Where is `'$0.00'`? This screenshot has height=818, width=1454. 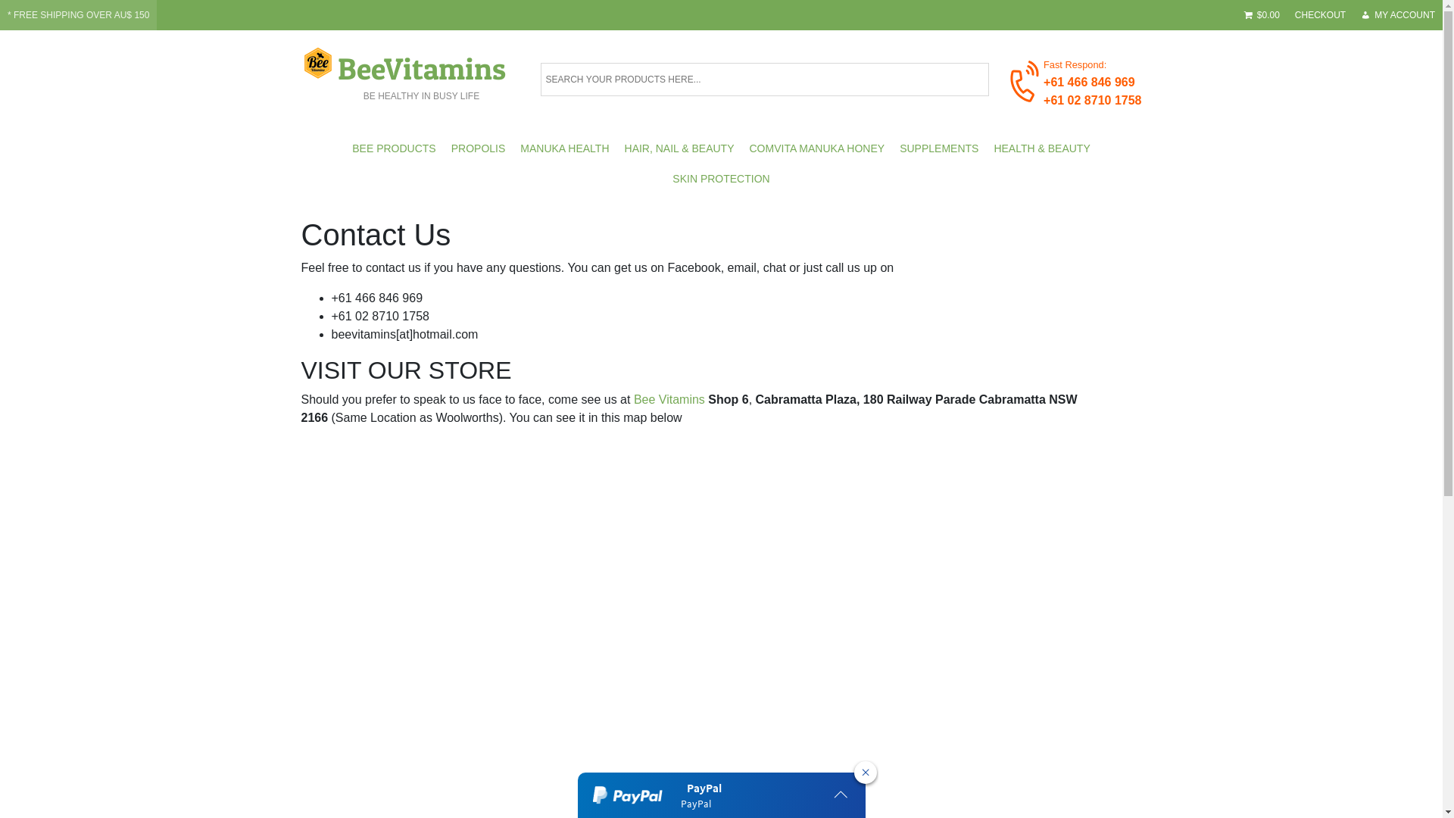 '$0.00' is located at coordinates (1262, 14).